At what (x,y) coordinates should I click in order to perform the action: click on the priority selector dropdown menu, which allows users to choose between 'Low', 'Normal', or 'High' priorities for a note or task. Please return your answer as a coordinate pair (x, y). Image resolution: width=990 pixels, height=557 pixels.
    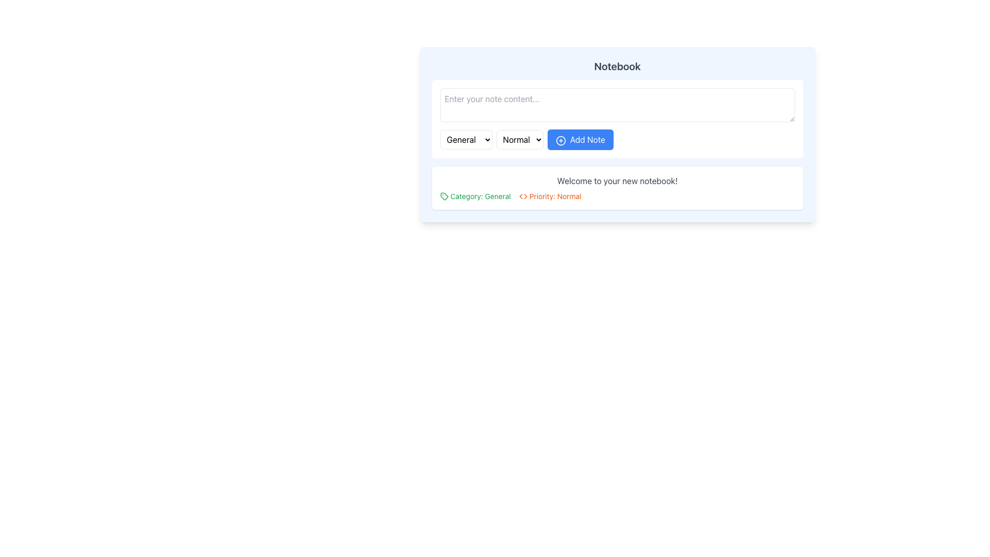
    Looking at the image, I should click on (520, 139).